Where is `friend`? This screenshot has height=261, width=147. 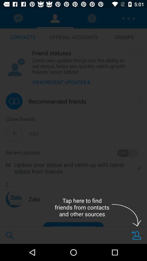 friend is located at coordinates (136, 235).